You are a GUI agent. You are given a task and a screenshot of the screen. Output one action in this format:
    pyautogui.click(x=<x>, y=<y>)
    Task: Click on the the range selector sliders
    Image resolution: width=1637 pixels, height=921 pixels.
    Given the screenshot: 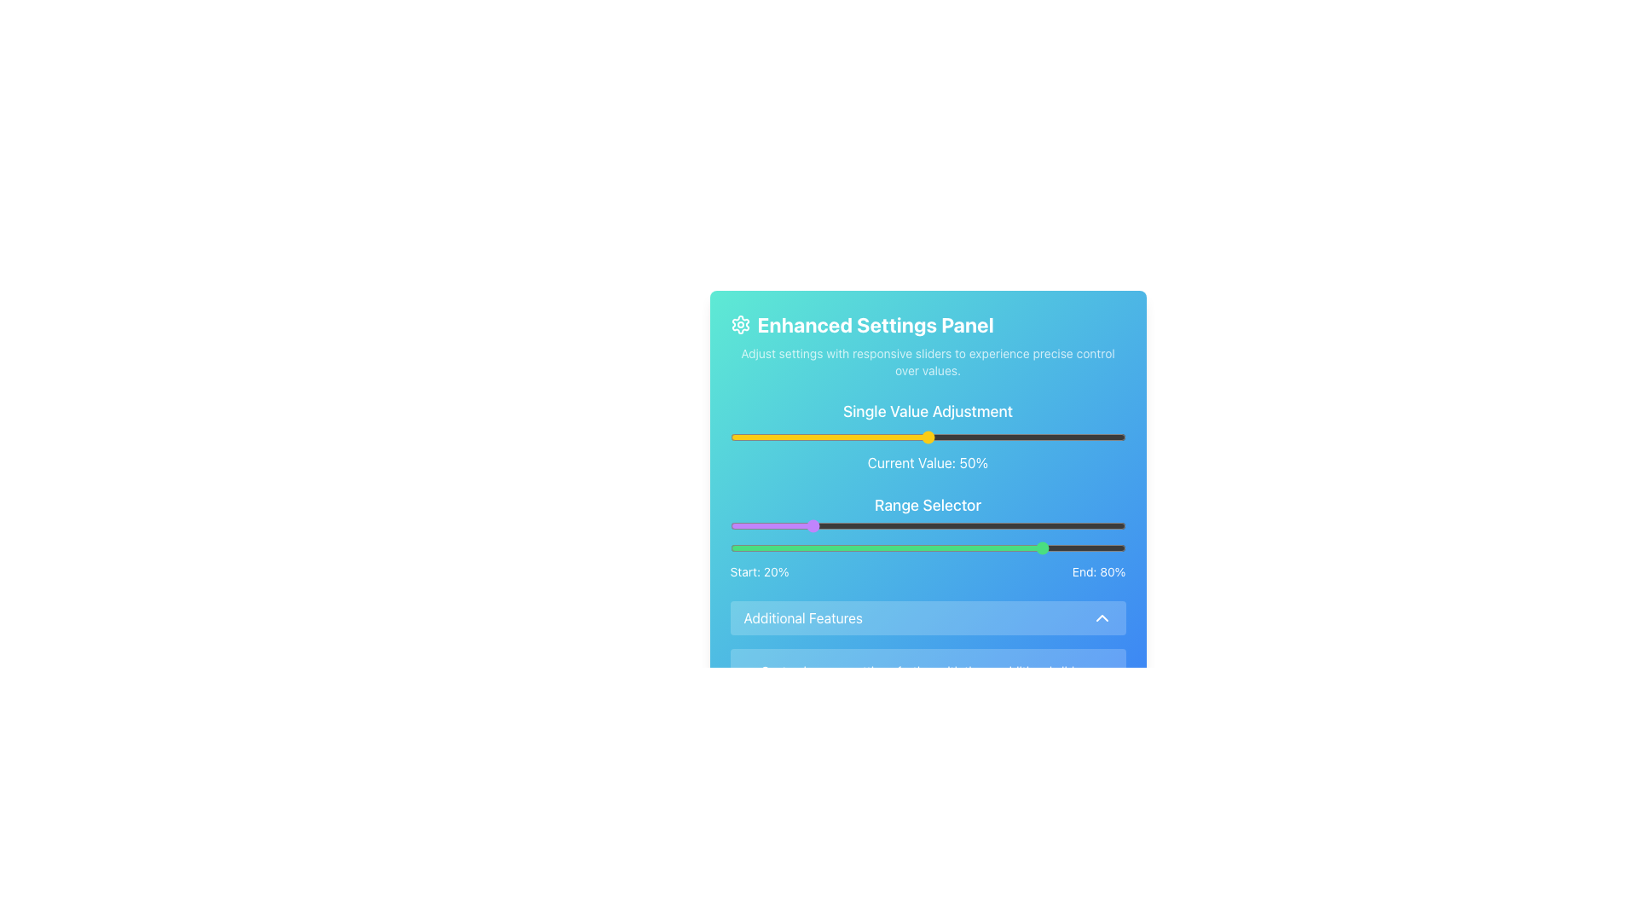 What is the action you would take?
    pyautogui.click(x=1015, y=525)
    